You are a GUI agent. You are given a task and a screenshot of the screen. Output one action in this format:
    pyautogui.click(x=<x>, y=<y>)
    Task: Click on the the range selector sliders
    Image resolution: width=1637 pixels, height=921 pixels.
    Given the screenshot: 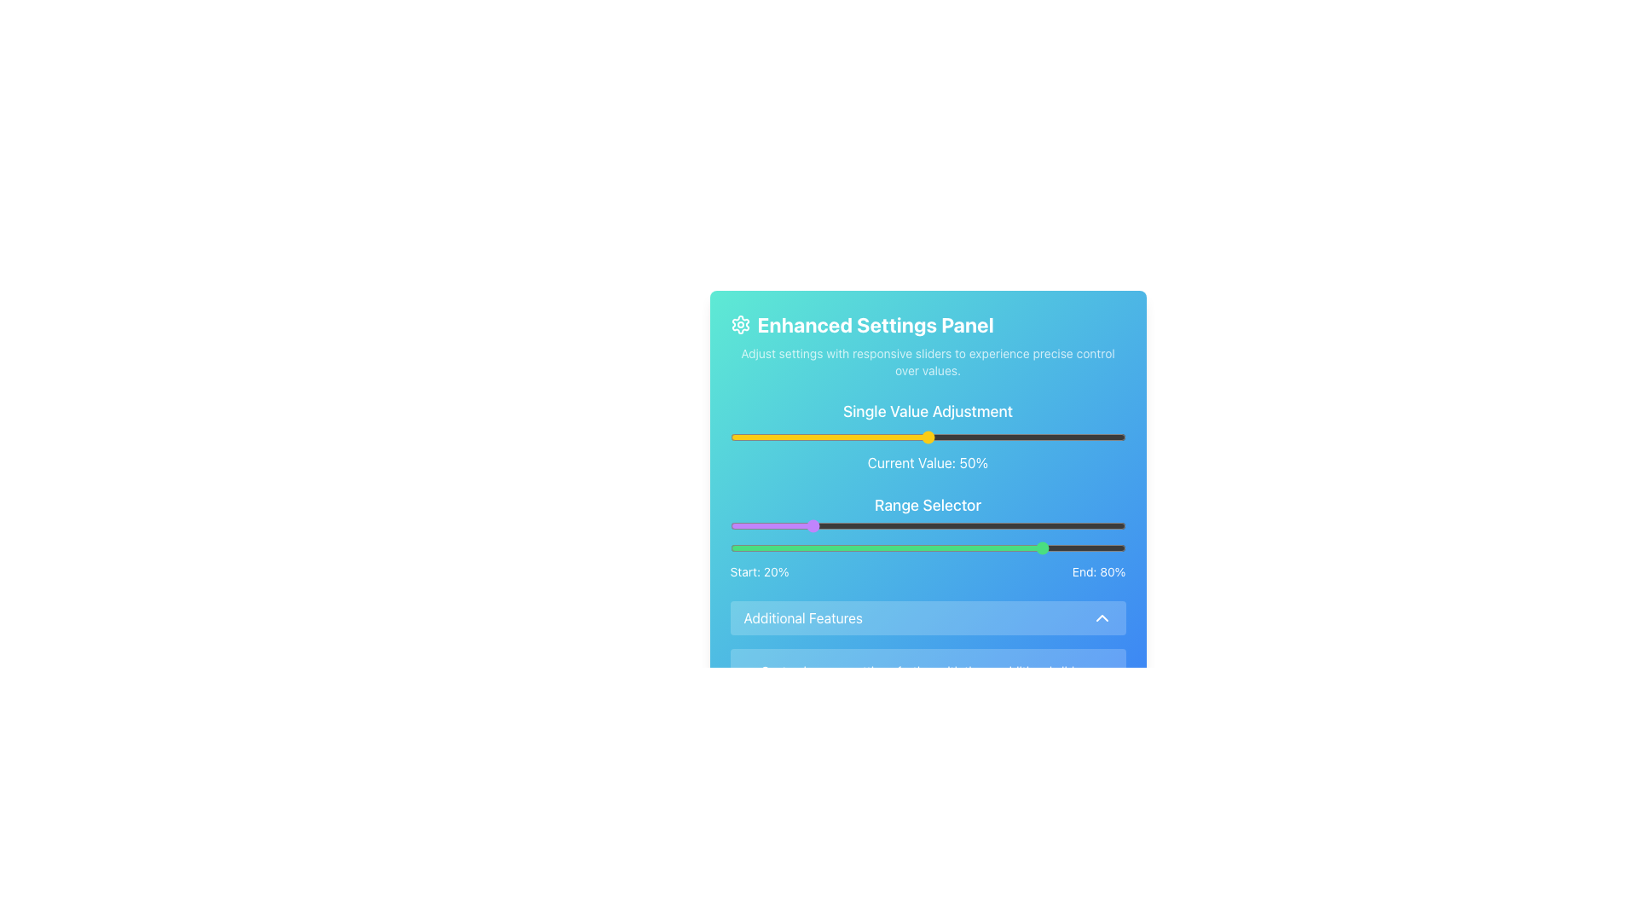 What is the action you would take?
    pyautogui.click(x=1015, y=525)
    